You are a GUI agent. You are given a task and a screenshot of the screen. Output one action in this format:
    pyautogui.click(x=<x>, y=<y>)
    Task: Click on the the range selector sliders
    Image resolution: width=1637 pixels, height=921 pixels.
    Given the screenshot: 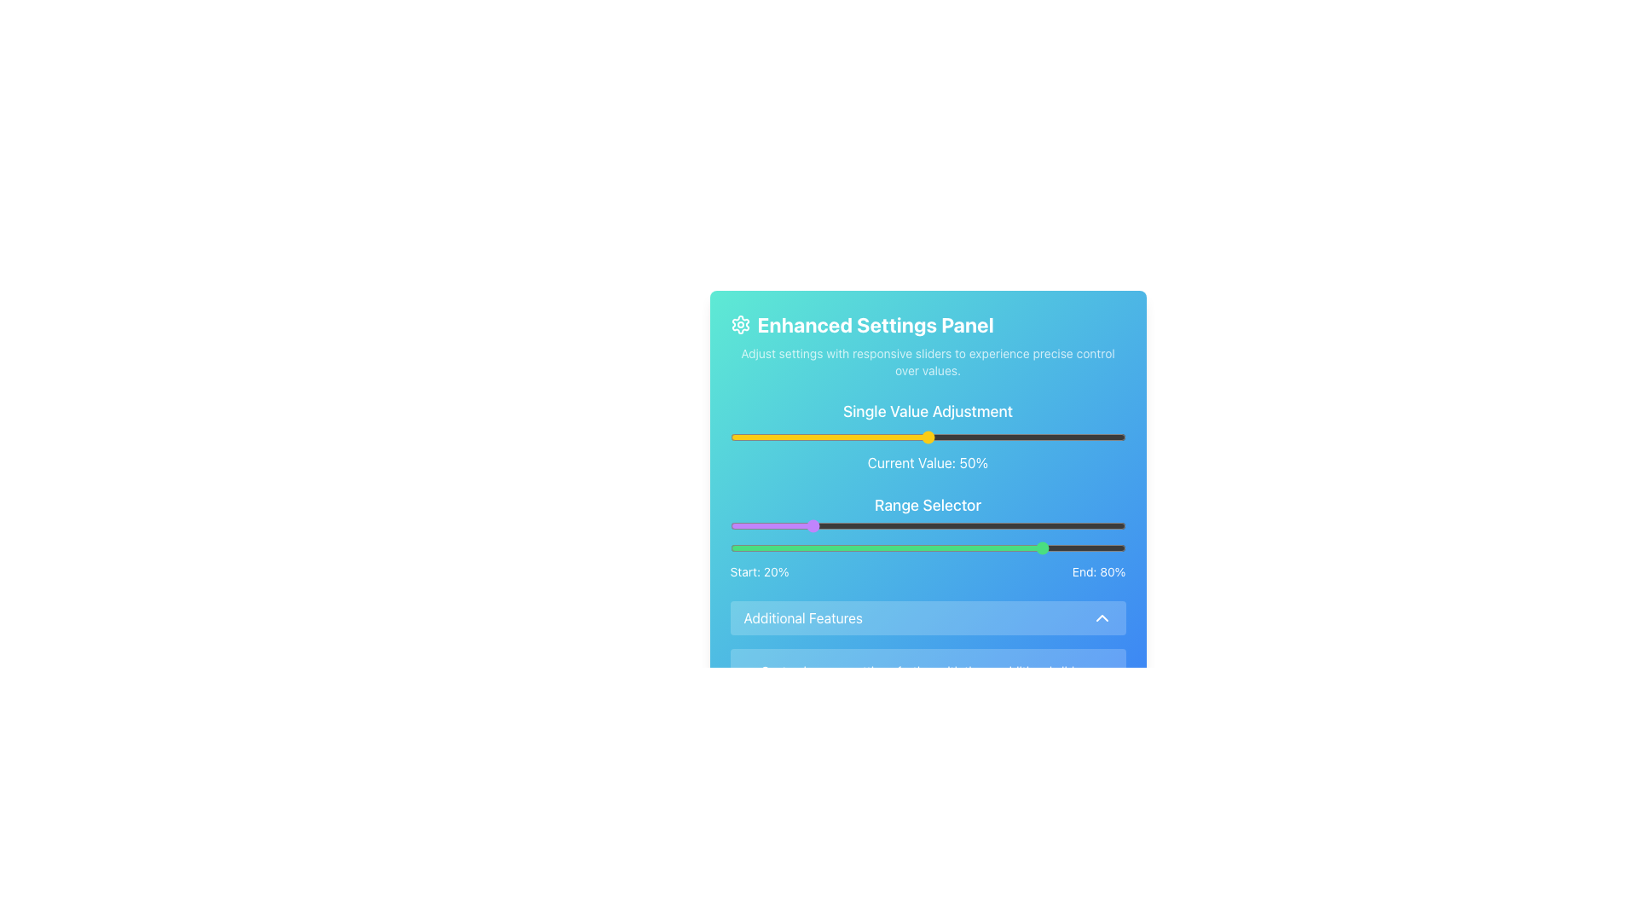 What is the action you would take?
    pyautogui.click(x=1015, y=525)
    